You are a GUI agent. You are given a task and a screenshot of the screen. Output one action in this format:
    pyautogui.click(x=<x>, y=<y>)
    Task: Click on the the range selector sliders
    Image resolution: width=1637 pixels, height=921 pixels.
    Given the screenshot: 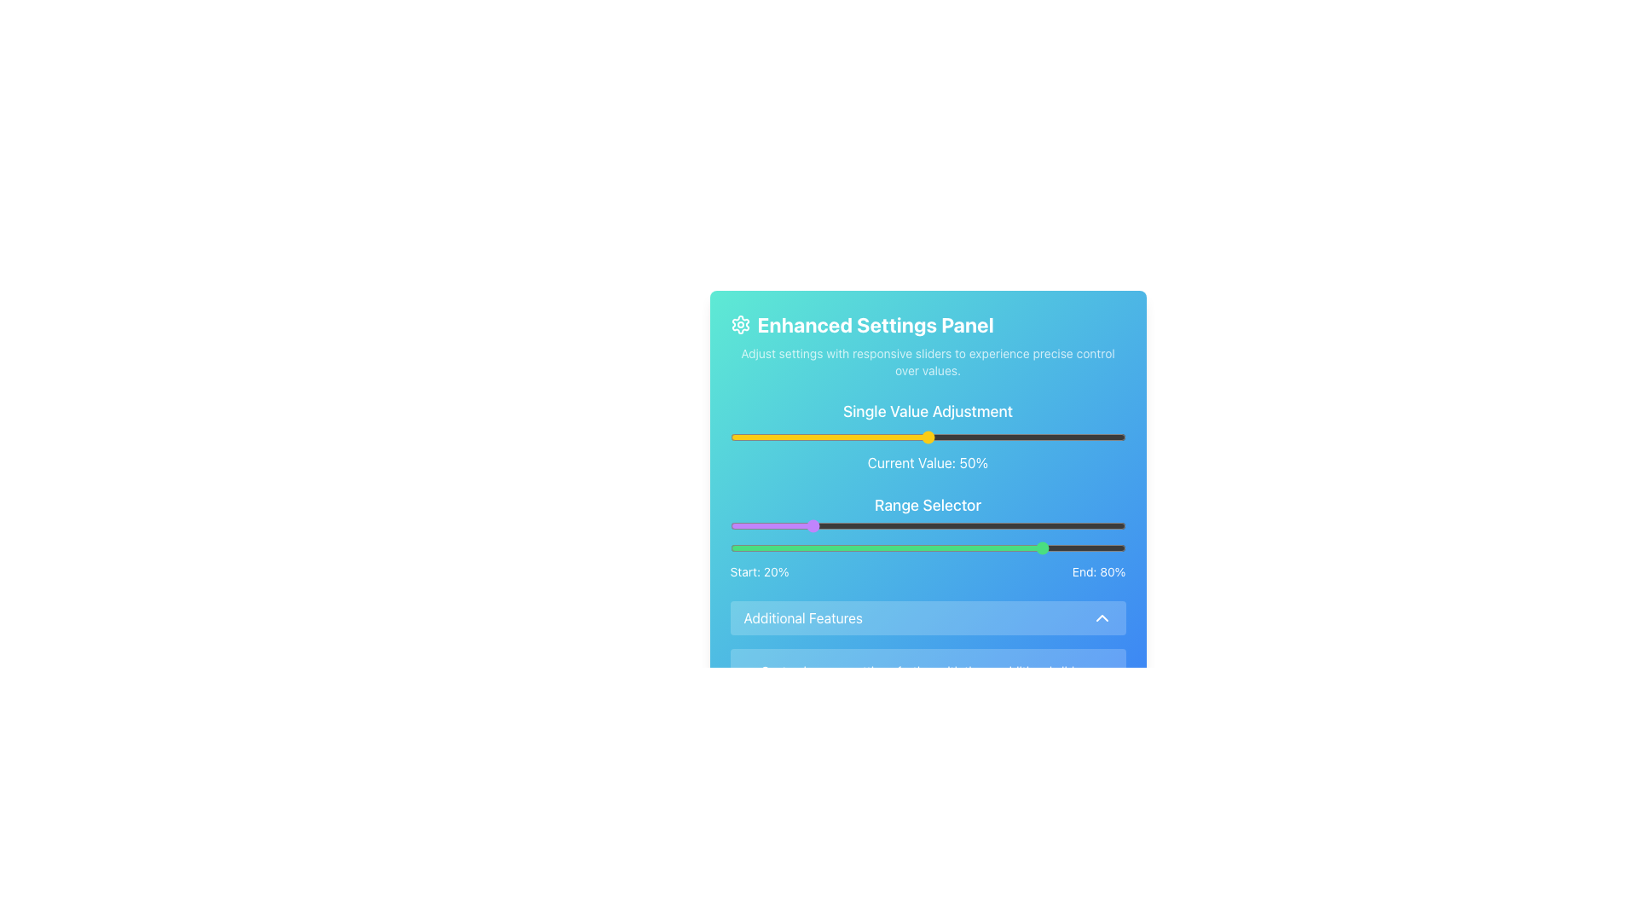 What is the action you would take?
    pyautogui.click(x=1015, y=525)
    